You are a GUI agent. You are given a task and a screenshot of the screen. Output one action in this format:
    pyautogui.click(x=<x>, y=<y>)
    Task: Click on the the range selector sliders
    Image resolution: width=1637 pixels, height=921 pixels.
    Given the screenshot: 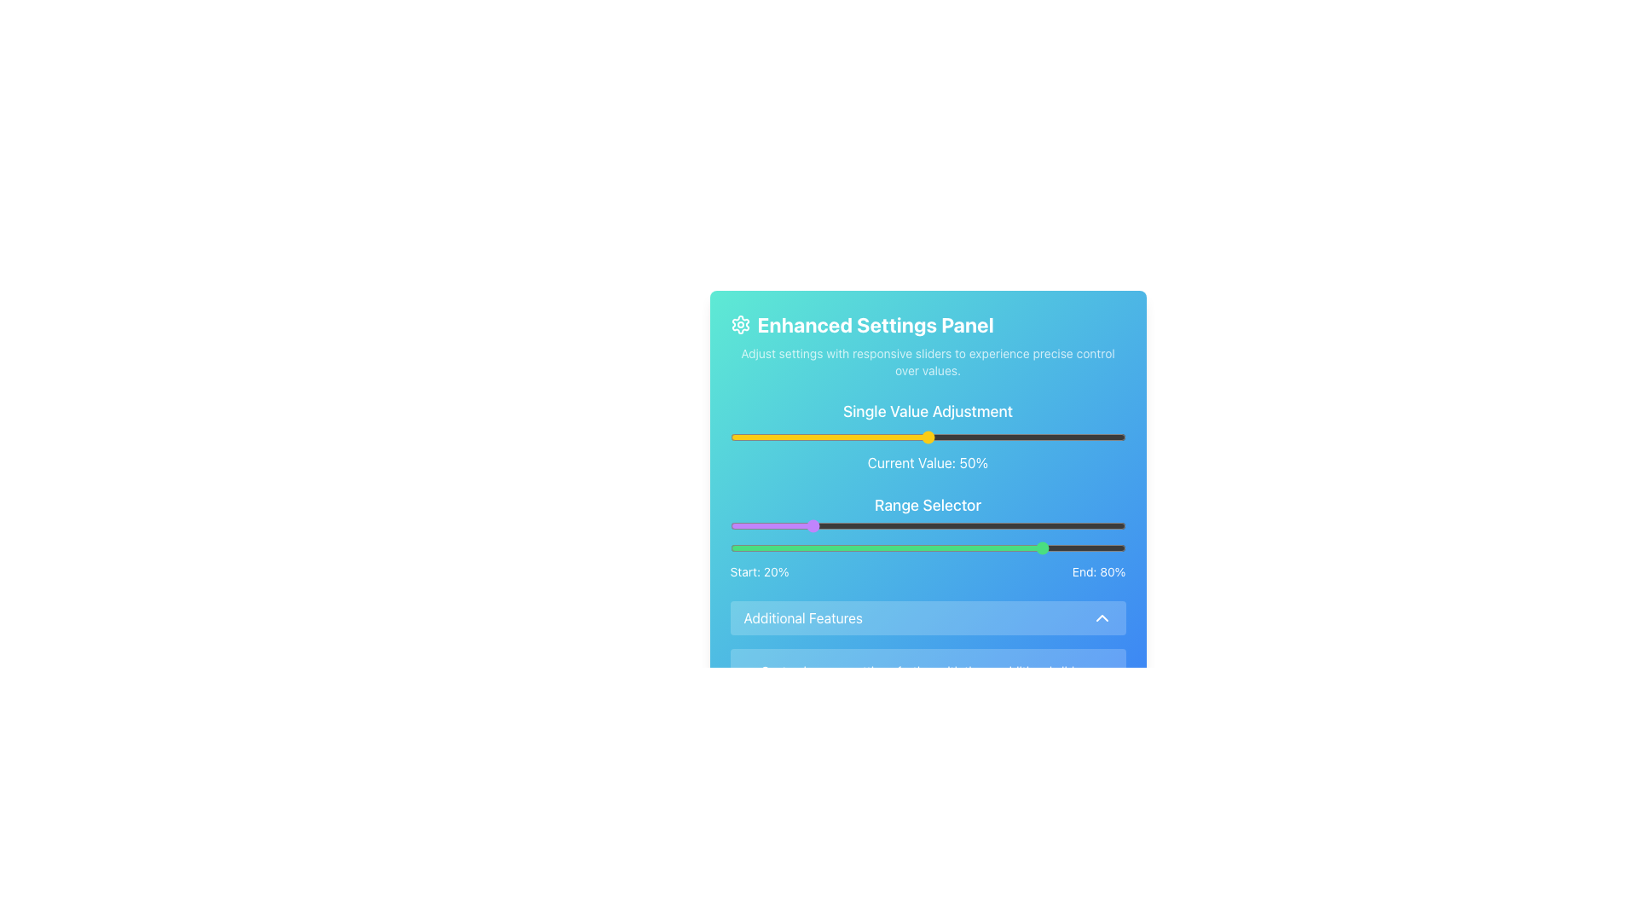 What is the action you would take?
    pyautogui.click(x=1015, y=525)
    